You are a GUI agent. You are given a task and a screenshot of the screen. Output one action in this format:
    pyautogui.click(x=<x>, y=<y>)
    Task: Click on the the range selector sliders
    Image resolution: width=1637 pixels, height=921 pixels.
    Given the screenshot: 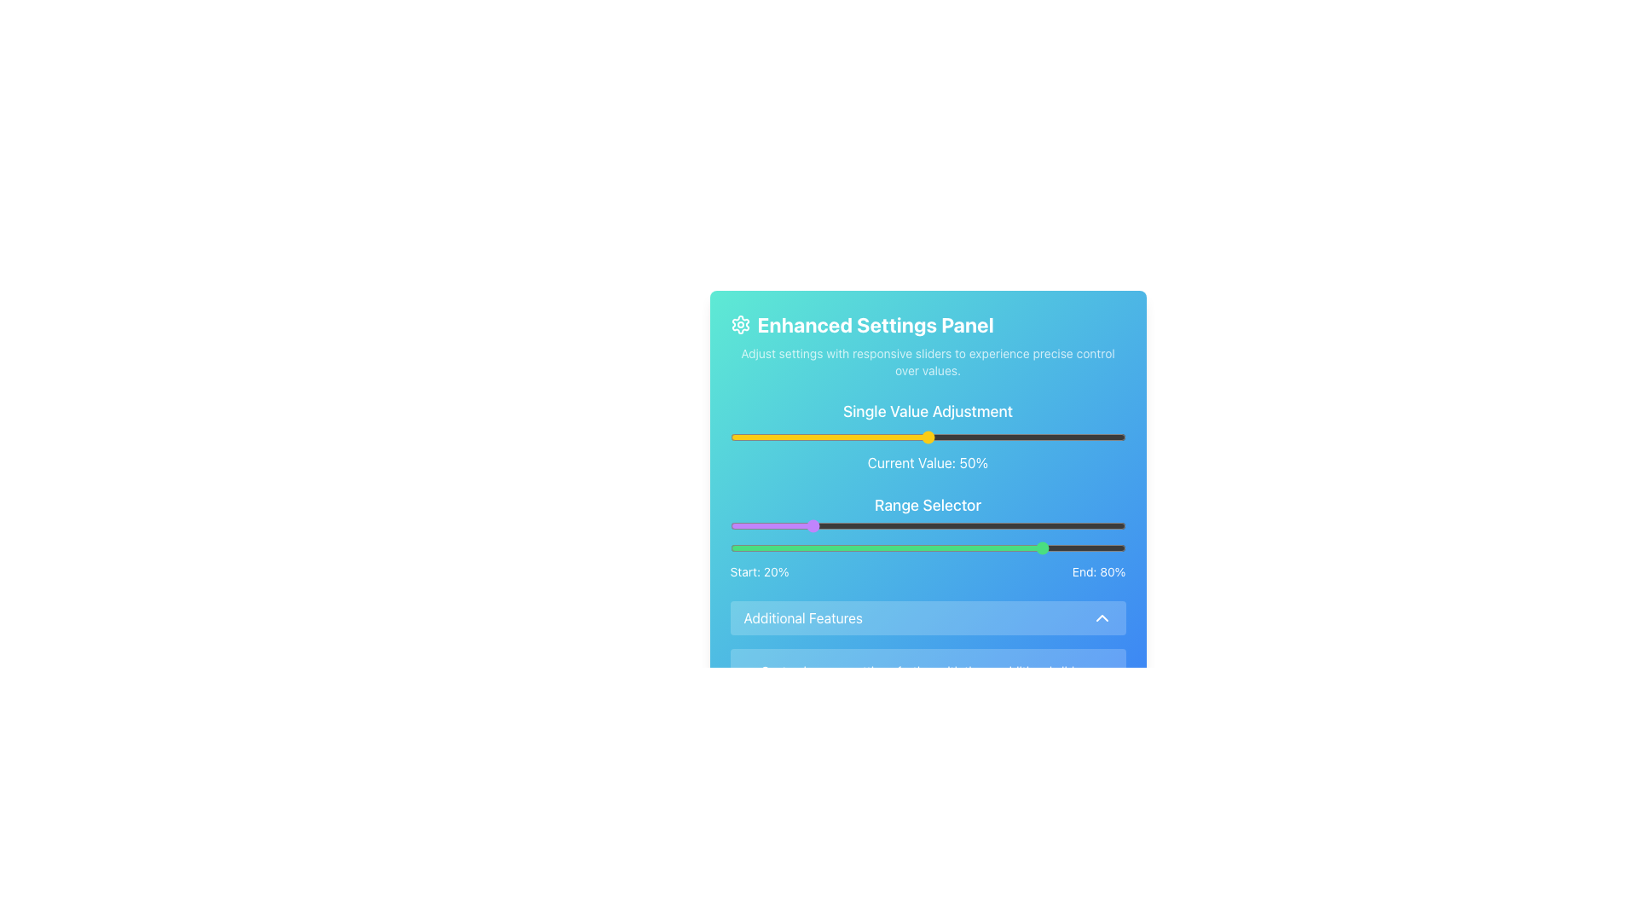 What is the action you would take?
    pyautogui.click(x=1015, y=525)
    